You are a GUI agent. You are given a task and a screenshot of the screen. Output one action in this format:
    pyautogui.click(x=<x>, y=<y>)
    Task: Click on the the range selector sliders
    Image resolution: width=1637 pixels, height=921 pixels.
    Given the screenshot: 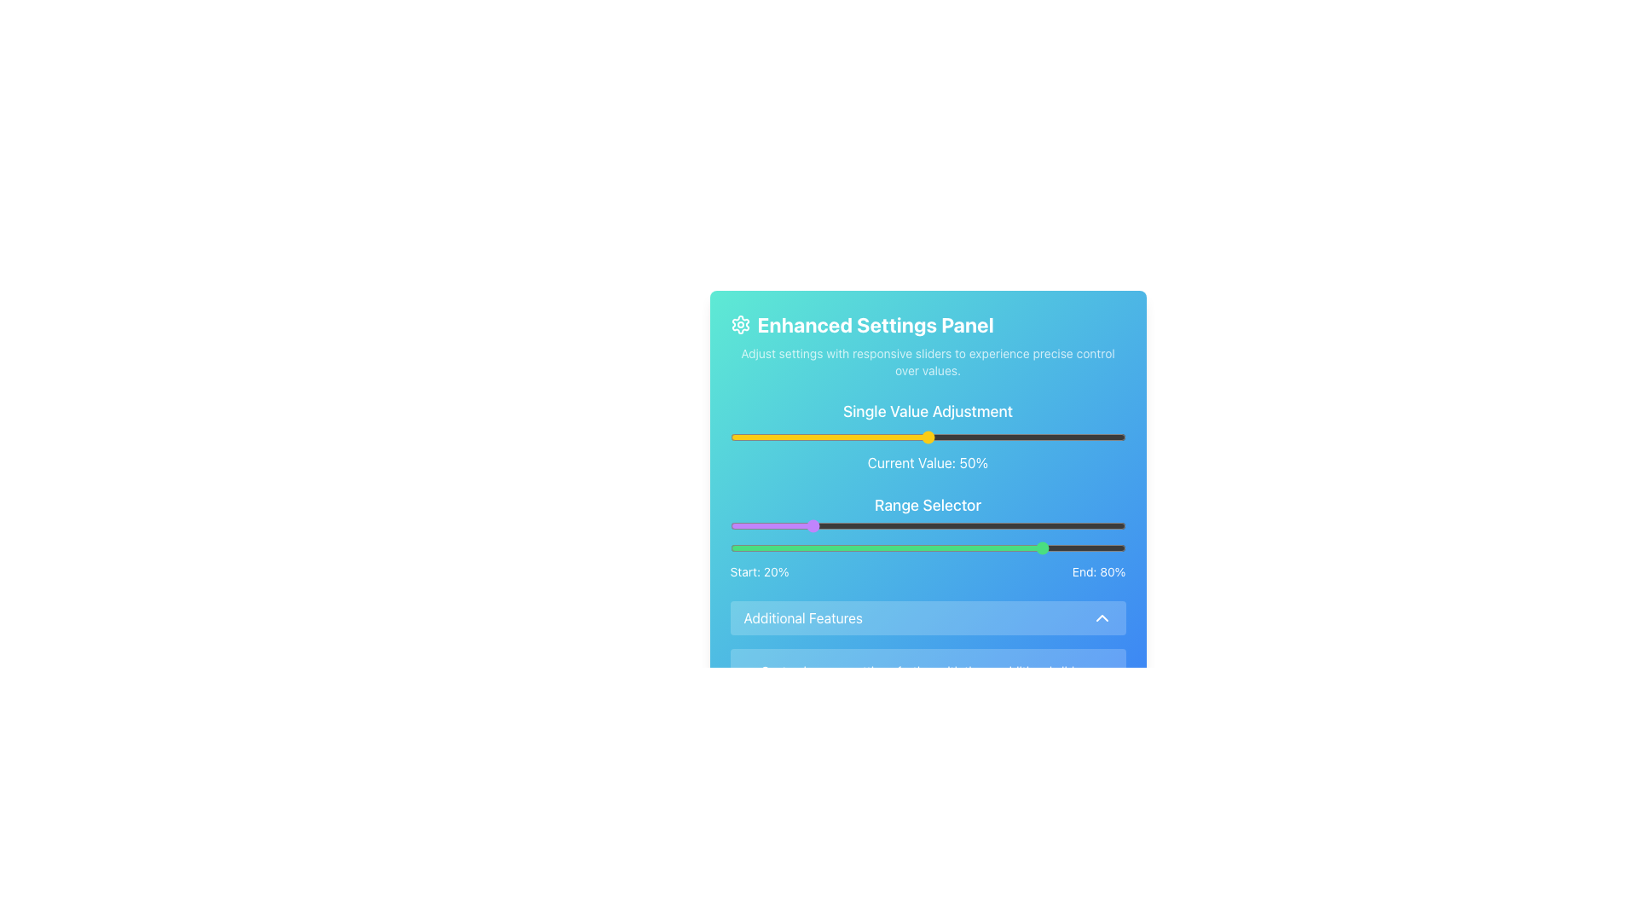 What is the action you would take?
    pyautogui.click(x=1015, y=525)
    